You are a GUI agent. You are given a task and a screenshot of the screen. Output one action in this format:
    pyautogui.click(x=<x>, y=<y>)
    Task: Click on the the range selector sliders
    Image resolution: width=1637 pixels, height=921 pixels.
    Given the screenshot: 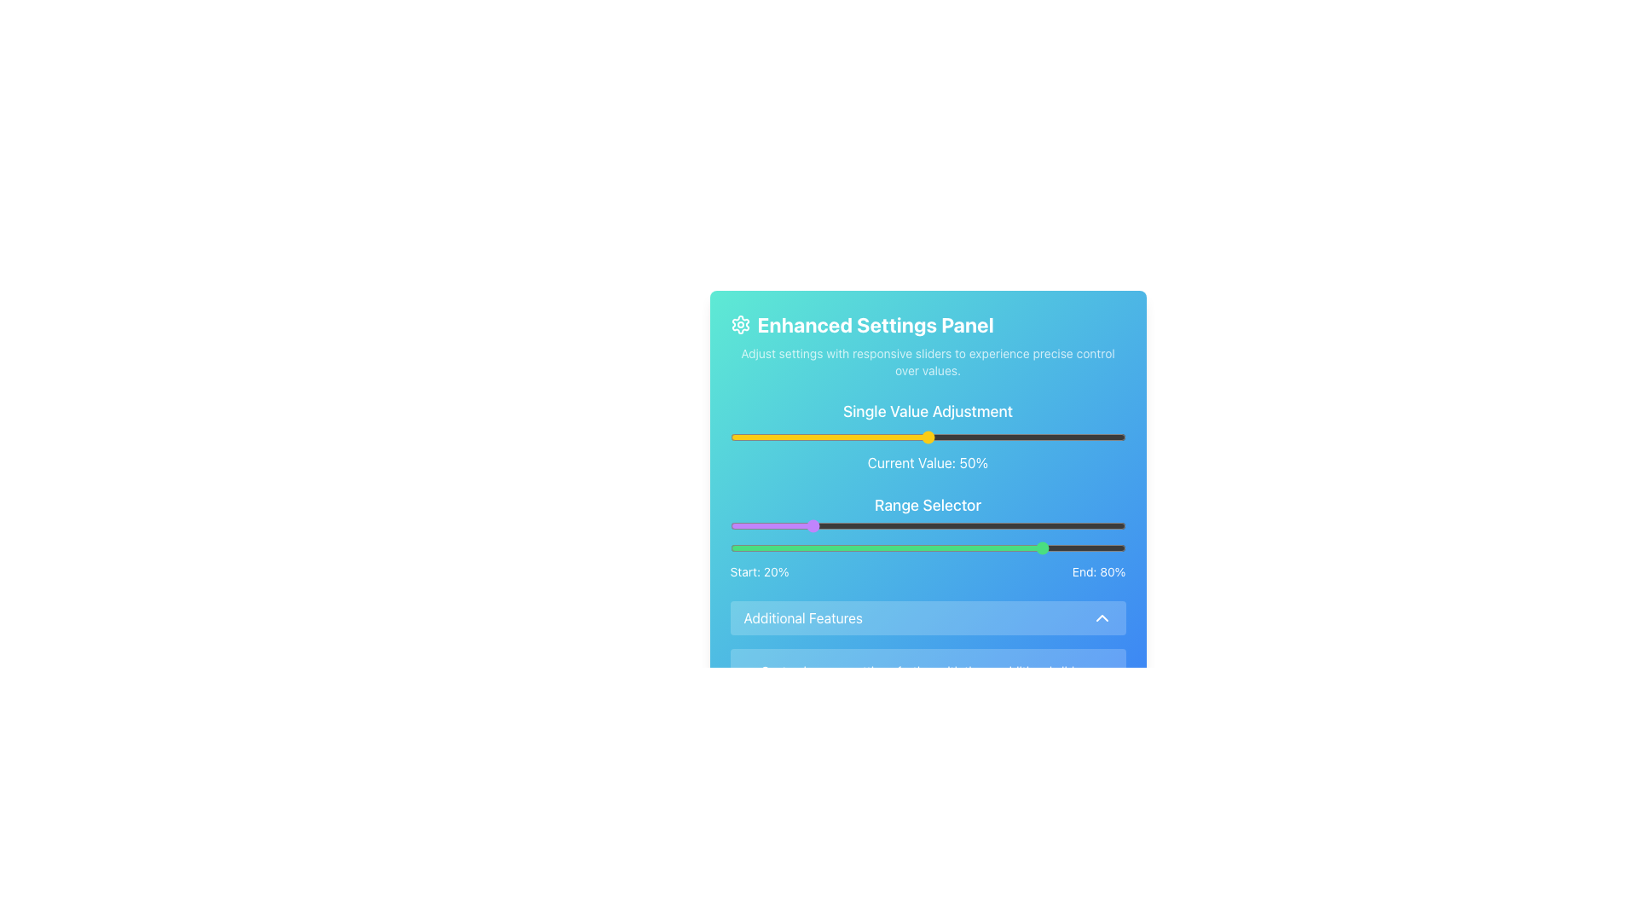 What is the action you would take?
    pyautogui.click(x=1015, y=525)
    